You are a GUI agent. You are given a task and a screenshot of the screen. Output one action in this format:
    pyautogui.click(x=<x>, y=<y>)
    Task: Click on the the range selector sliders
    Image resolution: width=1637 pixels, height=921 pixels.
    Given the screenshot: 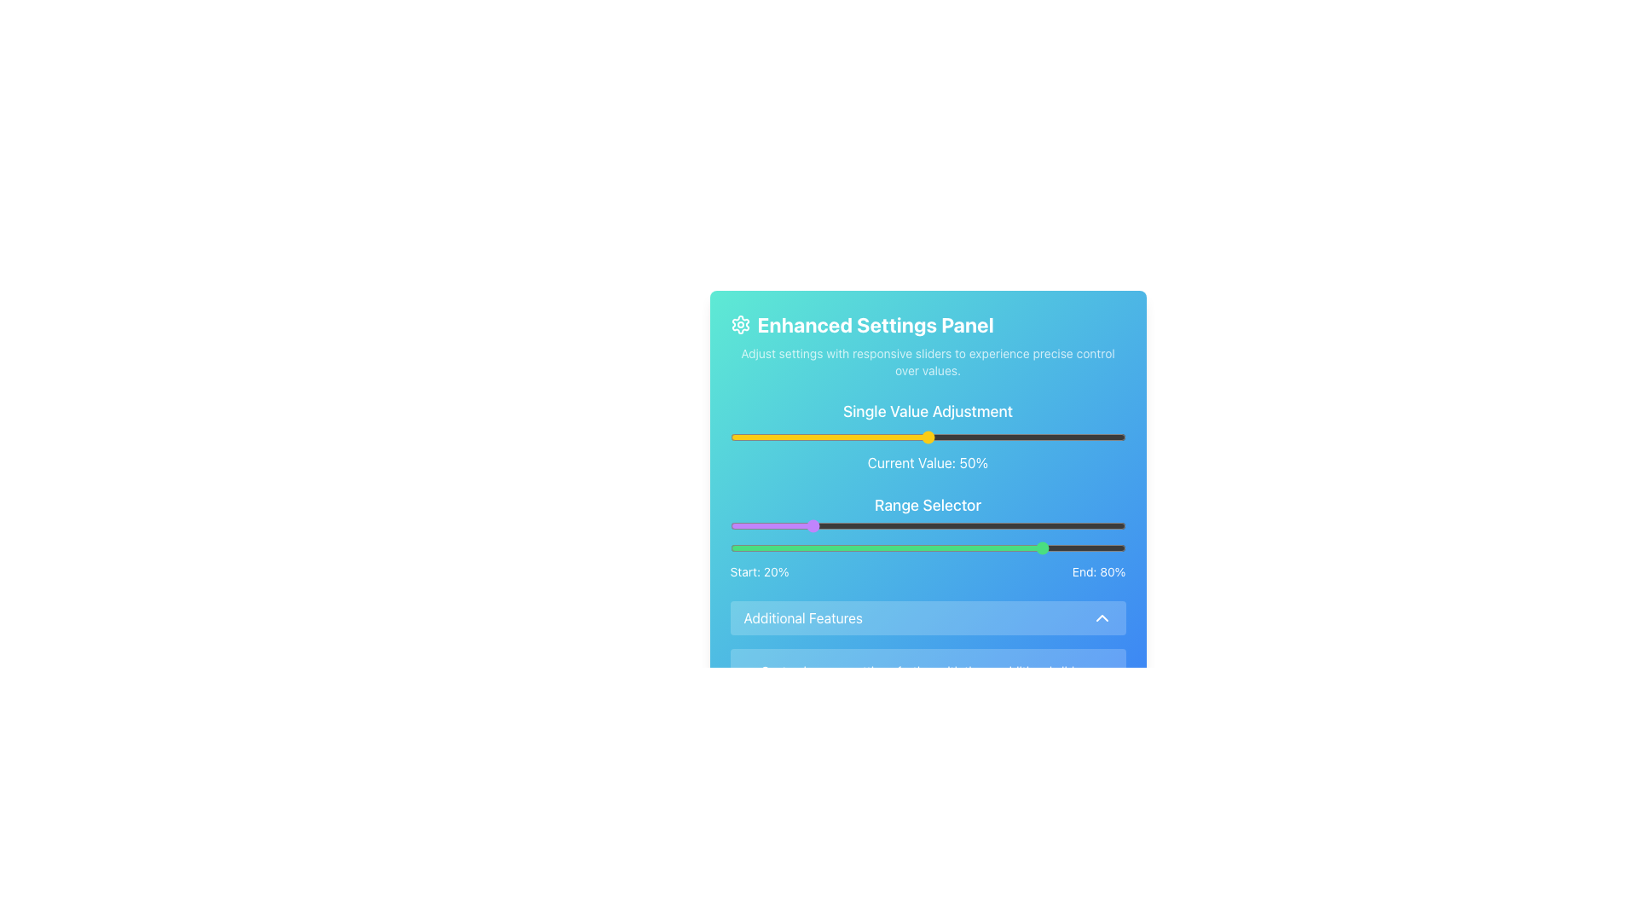 What is the action you would take?
    pyautogui.click(x=1015, y=525)
    